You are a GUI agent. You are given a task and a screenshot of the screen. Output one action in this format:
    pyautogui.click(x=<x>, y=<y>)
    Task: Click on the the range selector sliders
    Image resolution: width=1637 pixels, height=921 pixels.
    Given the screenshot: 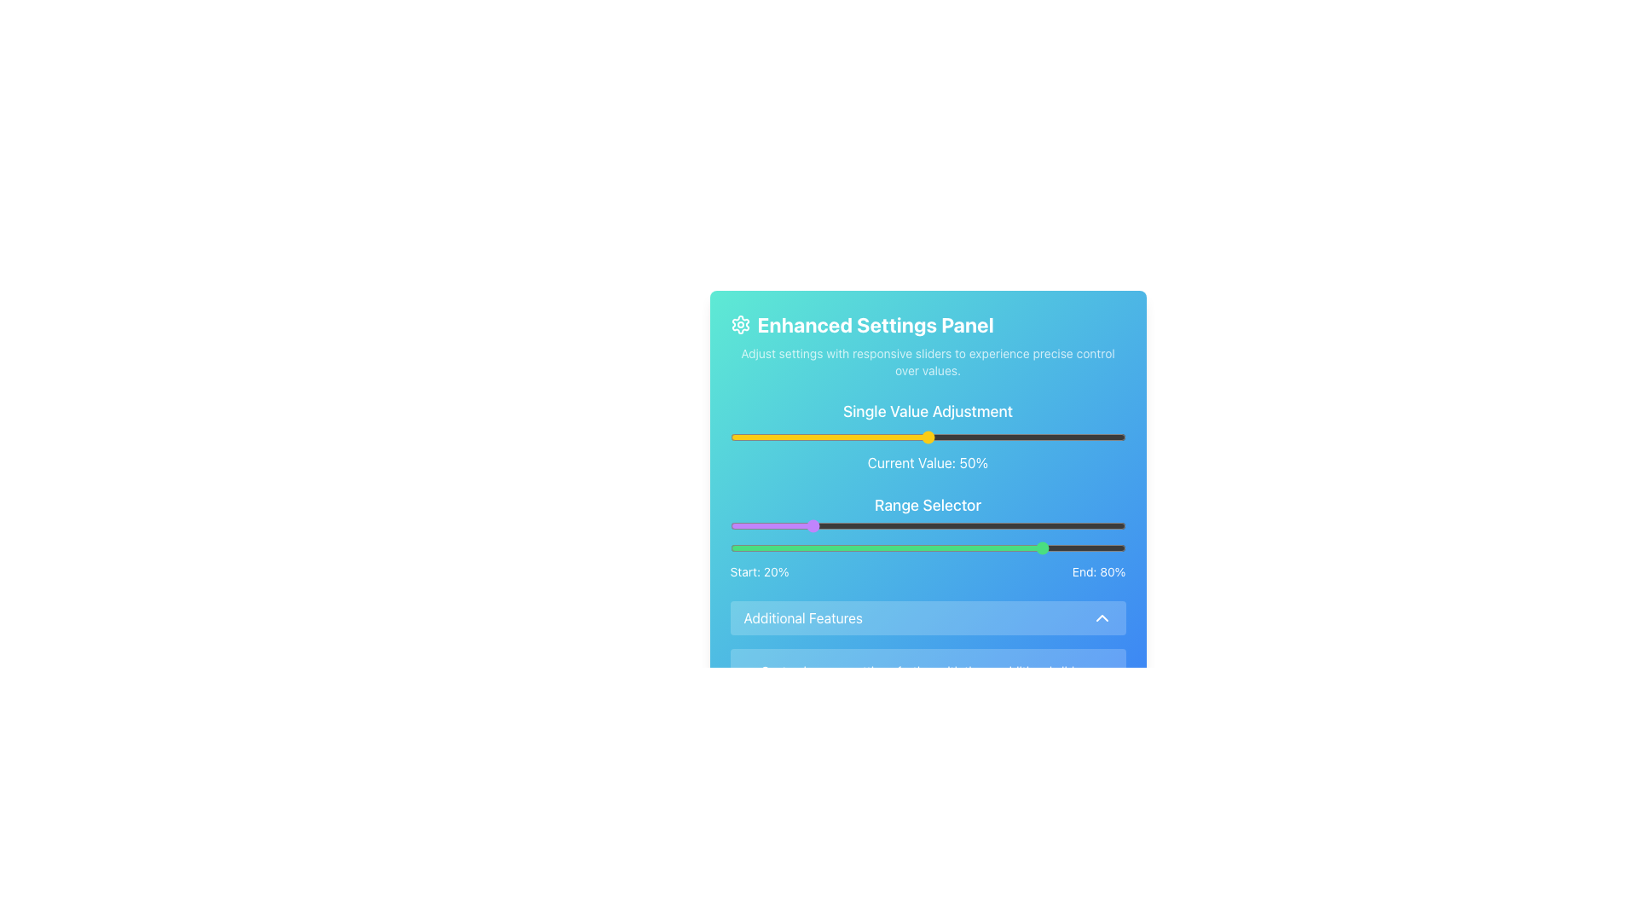 What is the action you would take?
    pyautogui.click(x=1015, y=525)
    